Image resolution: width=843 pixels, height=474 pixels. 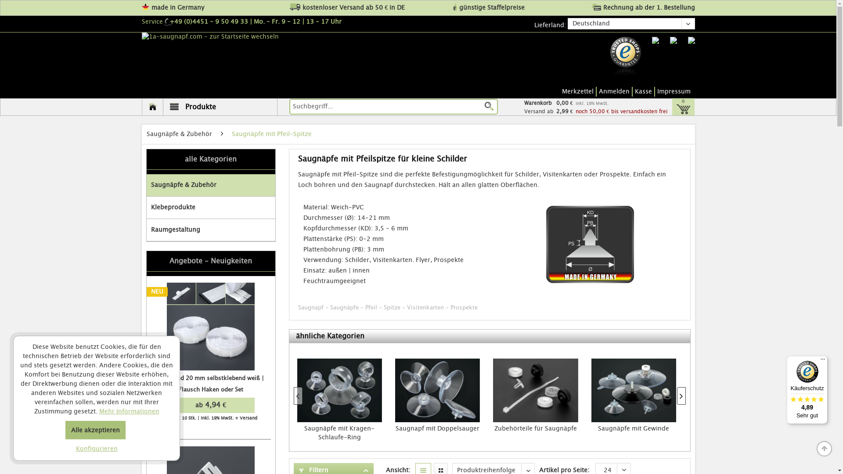 I want to click on '+49 (0)4451 - 9 50 49 33', so click(x=205, y=22).